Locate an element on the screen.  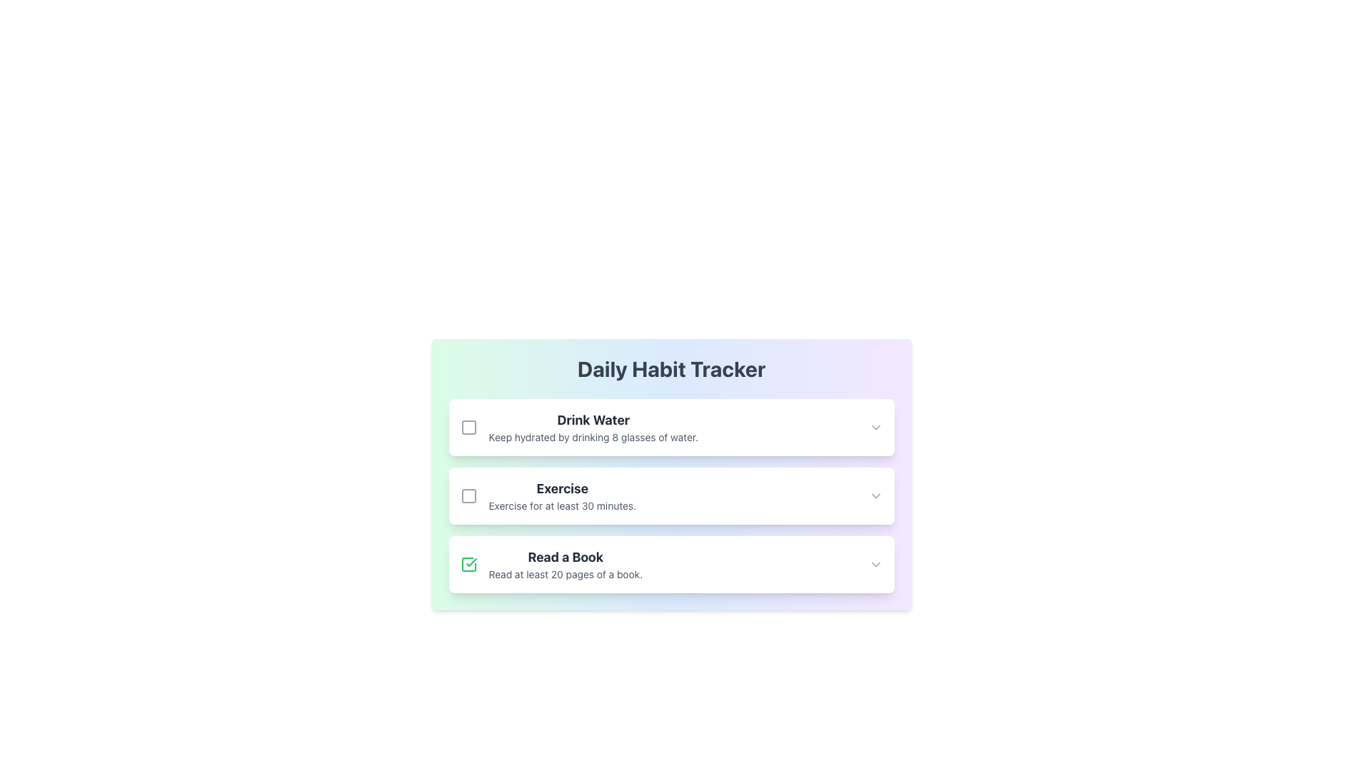
the chevron-down icon located at the top right corner of the 'Exercise' action card is located at coordinates (875, 495).